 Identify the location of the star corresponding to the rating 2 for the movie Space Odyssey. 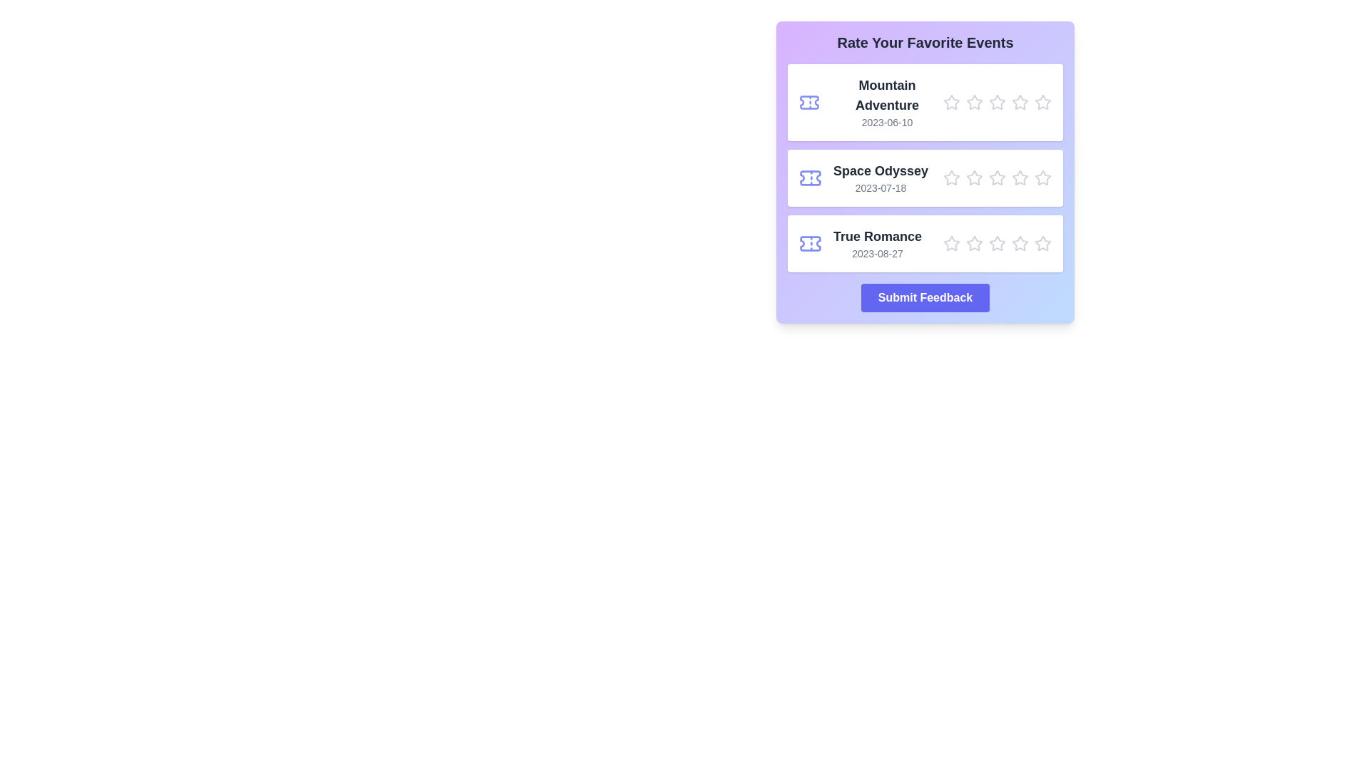
(974, 178).